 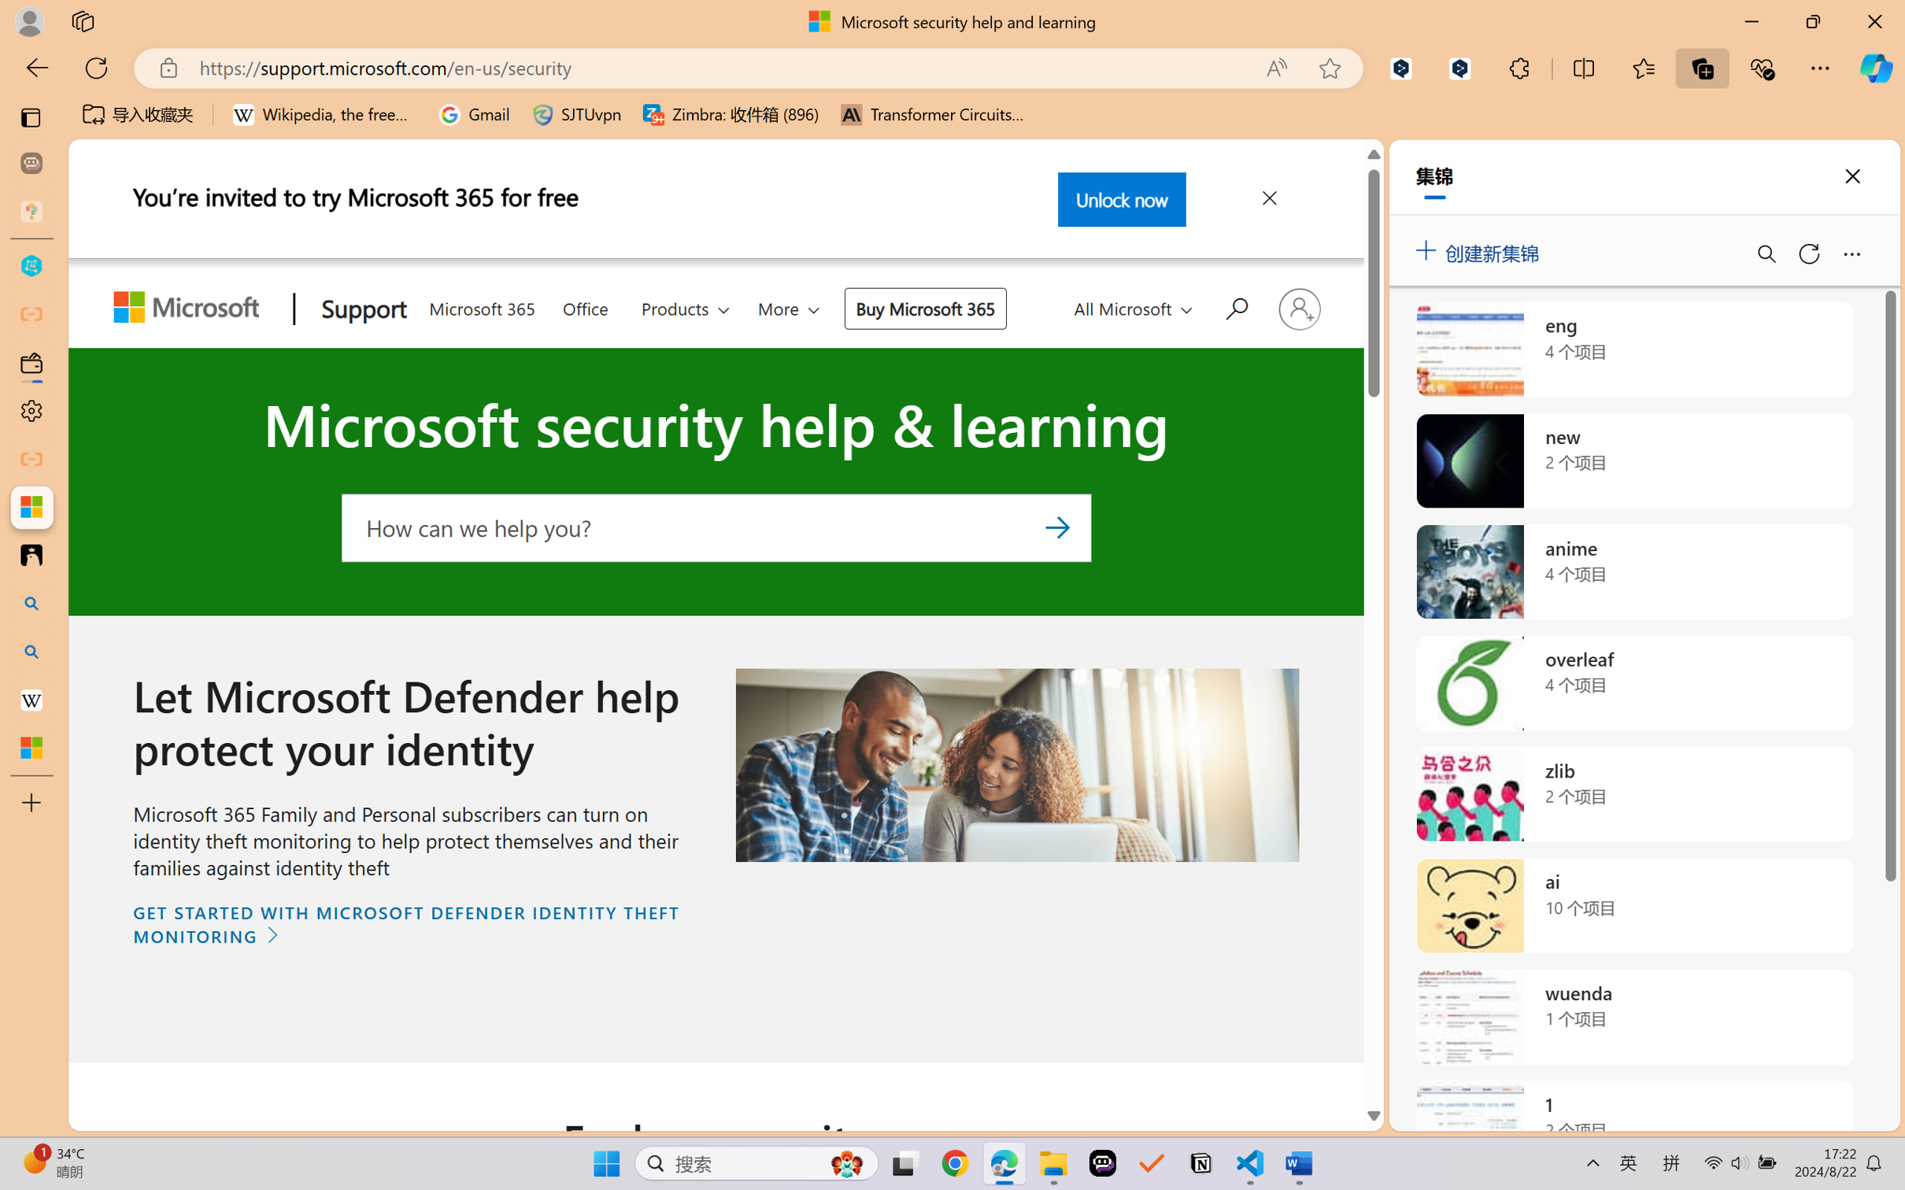 What do you see at coordinates (790, 308) in the screenshot?
I see `'More'` at bounding box center [790, 308].